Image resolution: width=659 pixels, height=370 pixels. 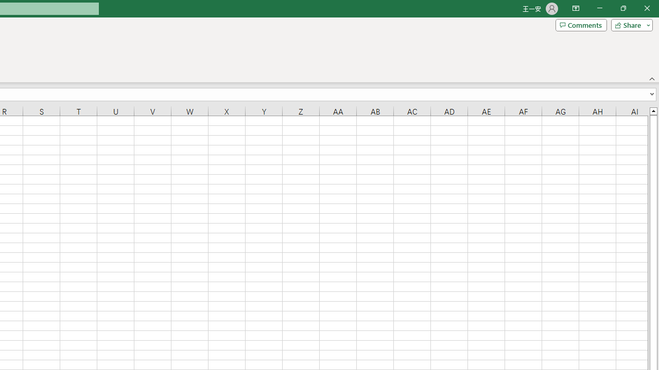 I want to click on 'Collapse the Ribbon', so click(x=652, y=78).